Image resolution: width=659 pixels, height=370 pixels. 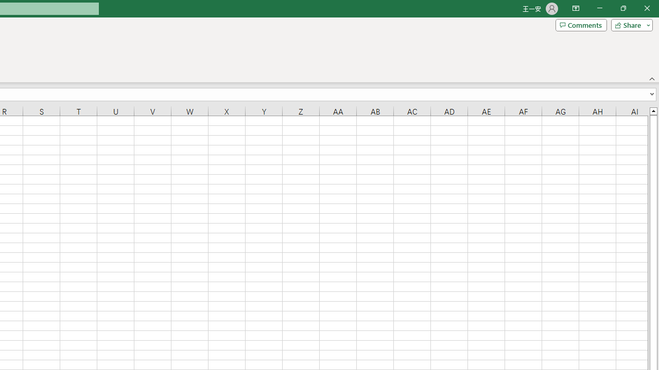 I want to click on 'Collapse the Ribbon', so click(x=652, y=78).